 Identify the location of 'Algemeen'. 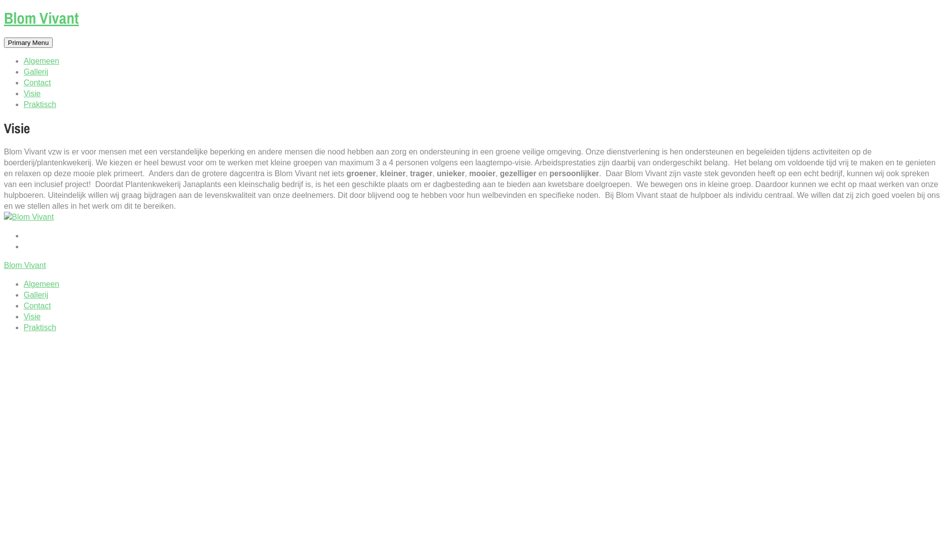
(40, 284).